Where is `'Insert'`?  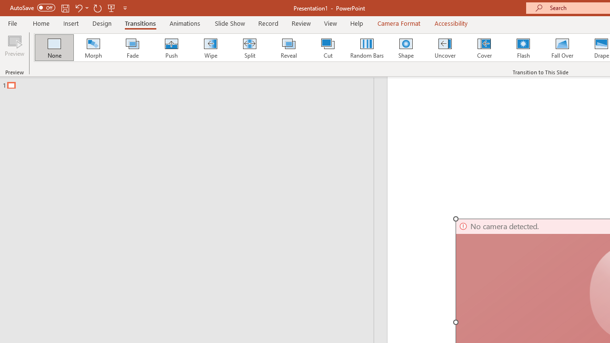 'Insert' is located at coordinates (71, 23).